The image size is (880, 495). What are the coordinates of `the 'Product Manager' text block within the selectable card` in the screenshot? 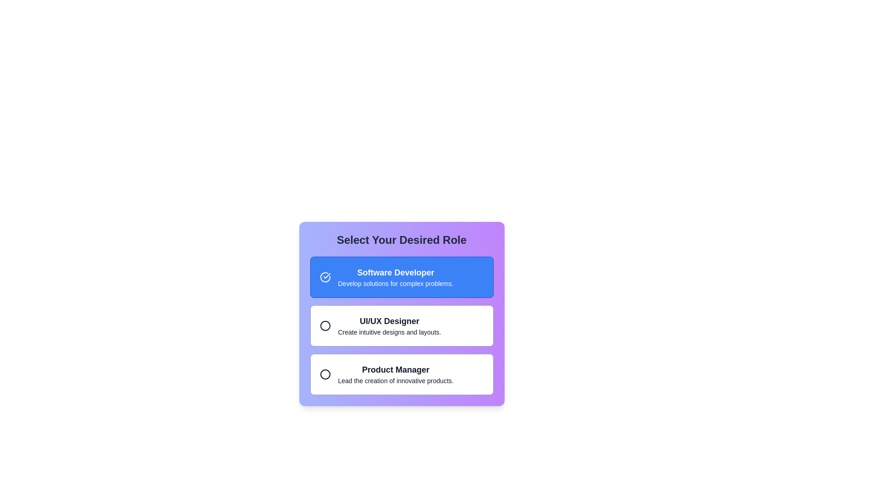 It's located at (396, 374).